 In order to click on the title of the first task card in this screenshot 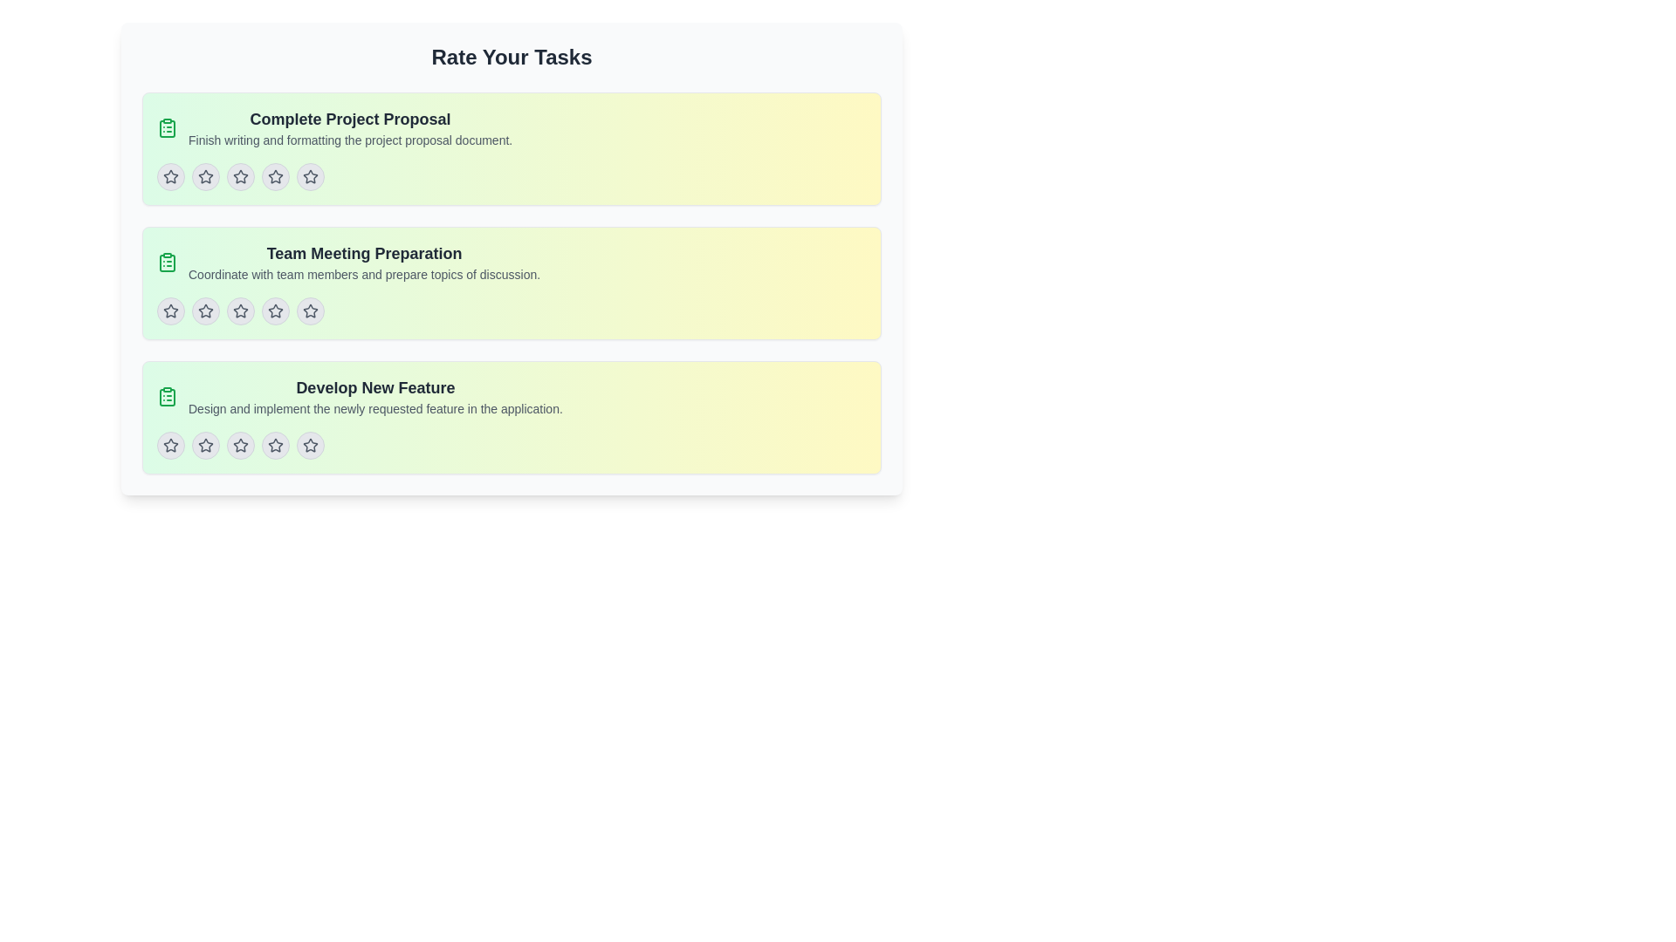, I will do `click(511, 126)`.